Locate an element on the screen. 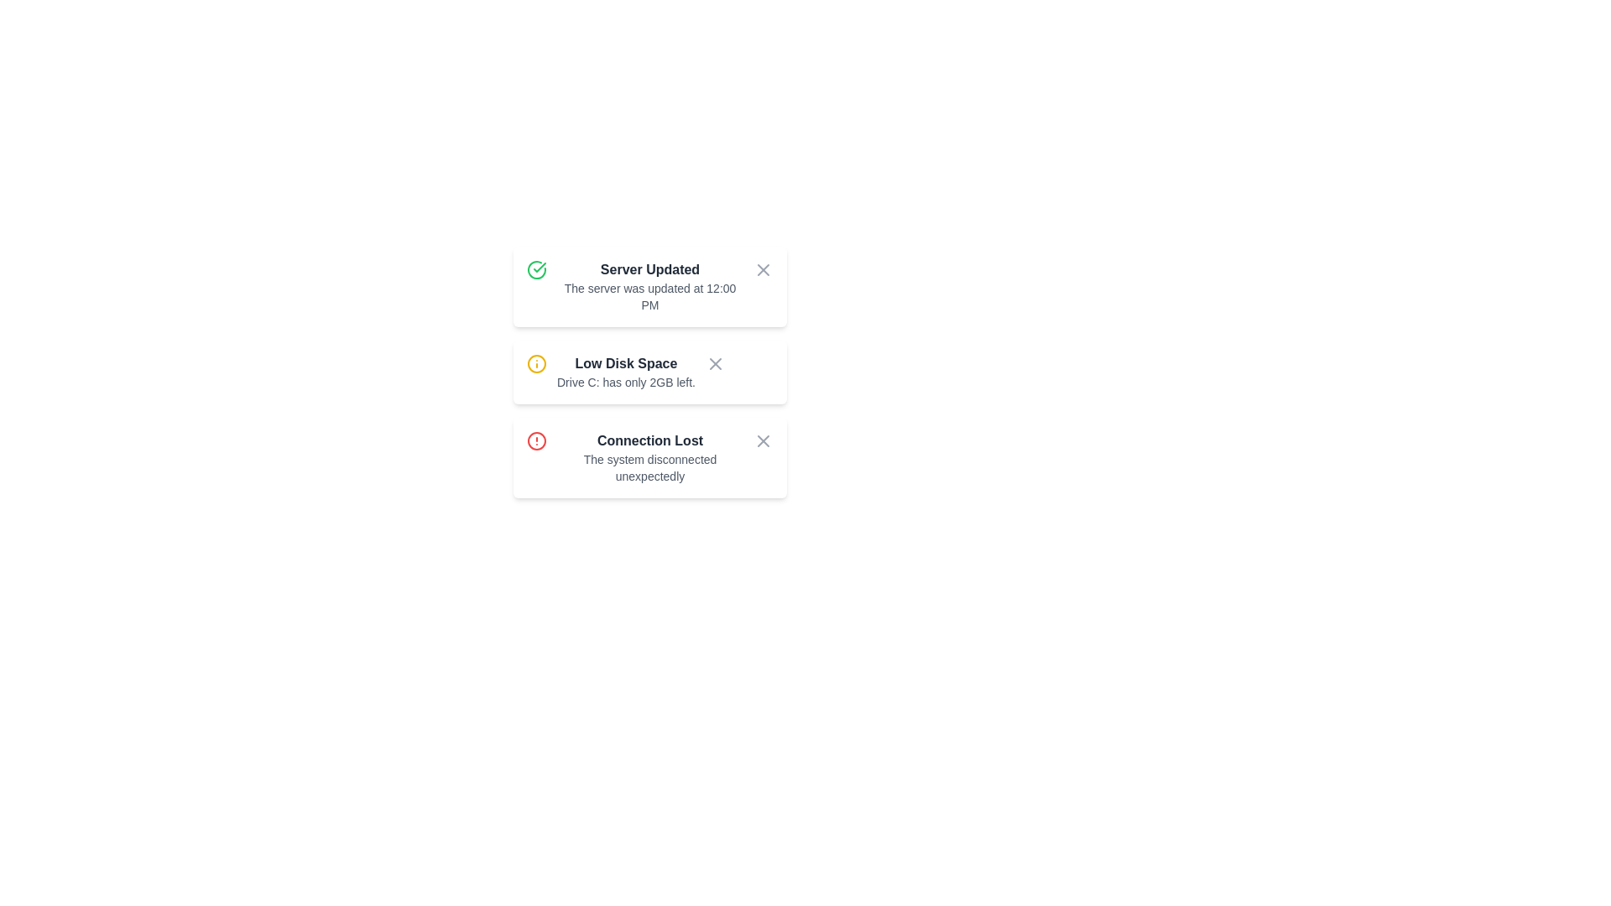 The height and width of the screenshot is (906, 1611). the Text label that emphasizes the notification message 'Drive C: has only 2GB left.' positioned at the top of its respective notification card is located at coordinates (625, 363).